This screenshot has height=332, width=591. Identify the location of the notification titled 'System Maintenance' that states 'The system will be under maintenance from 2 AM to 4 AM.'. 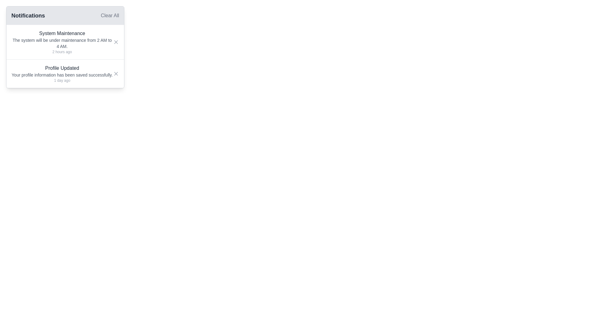
(65, 42).